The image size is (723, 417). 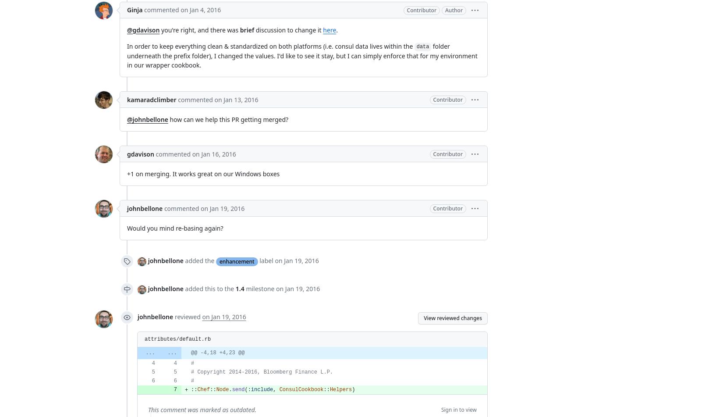 I want to click on 'milestone', so click(x=259, y=288).